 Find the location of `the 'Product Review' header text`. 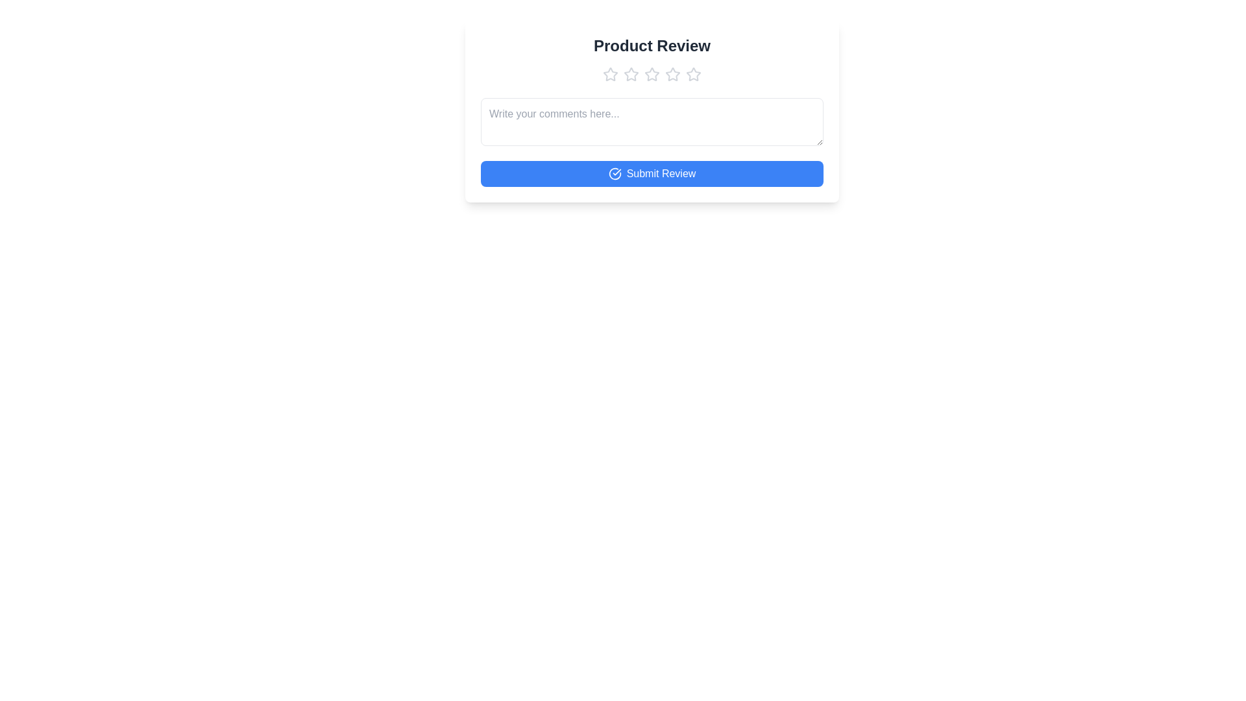

the 'Product Review' header text is located at coordinates (652, 45).